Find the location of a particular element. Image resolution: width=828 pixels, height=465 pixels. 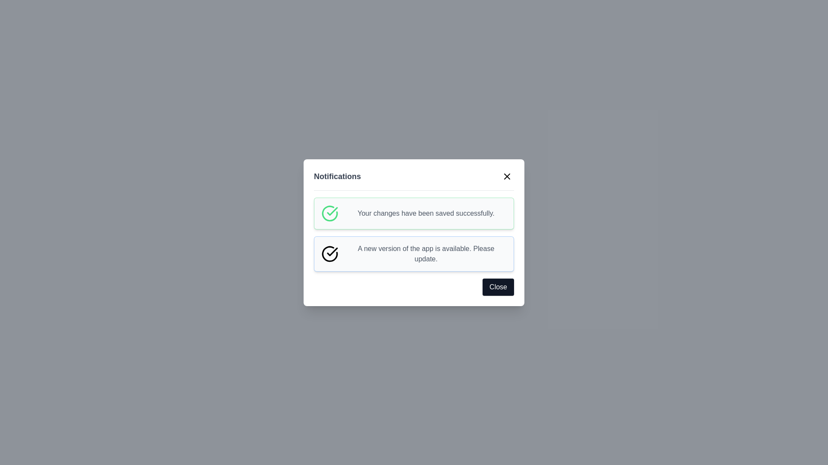

text content of the prominent 'Notifications' label located in the top-left corner of the modal header is located at coordinates (337, 176).